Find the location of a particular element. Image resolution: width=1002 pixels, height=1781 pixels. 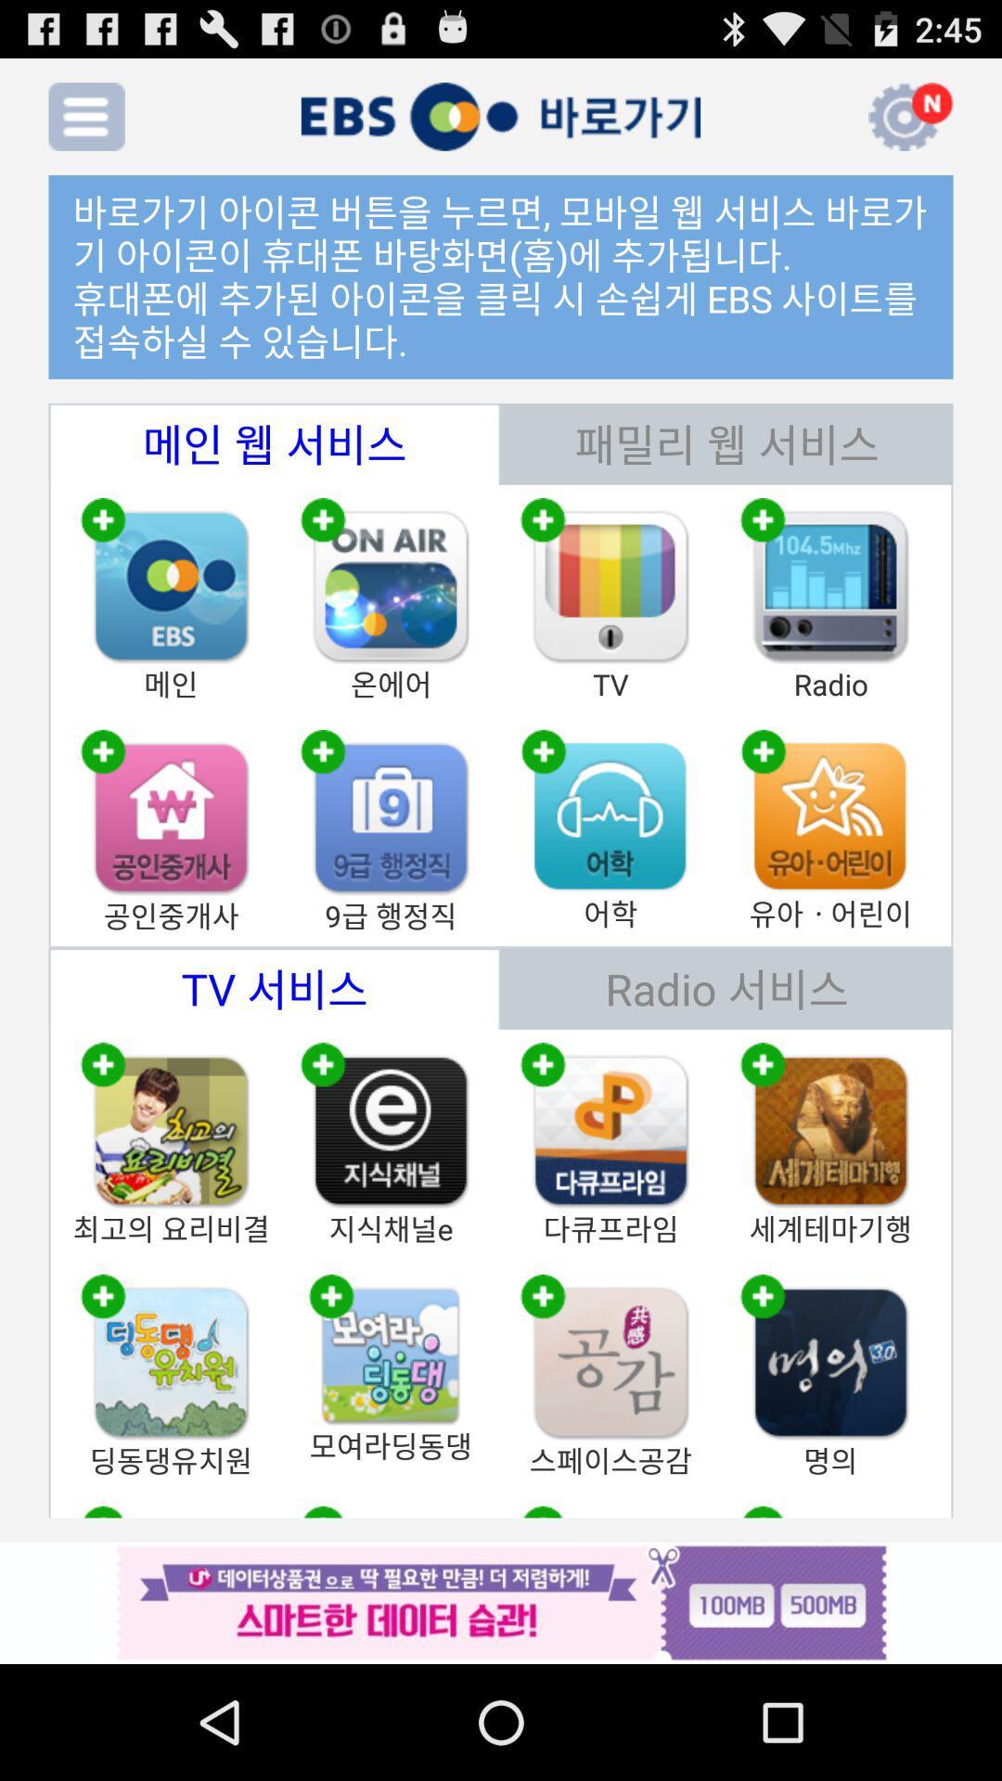

the photo icon is located at coordinates (390, 875).